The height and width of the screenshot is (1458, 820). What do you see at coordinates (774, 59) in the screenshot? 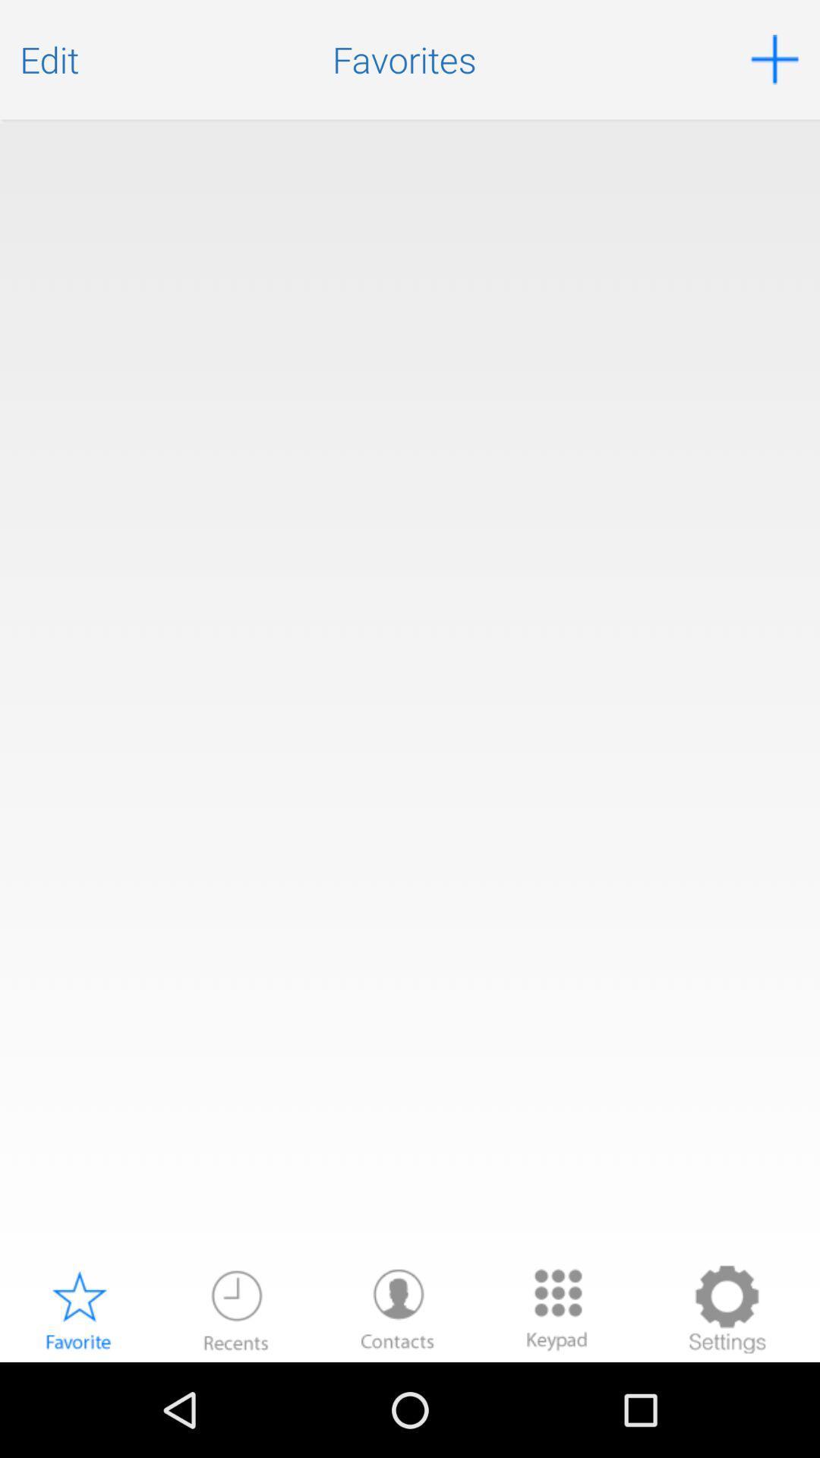
I see `the item next to favorites` at bounding box center [774, 59].